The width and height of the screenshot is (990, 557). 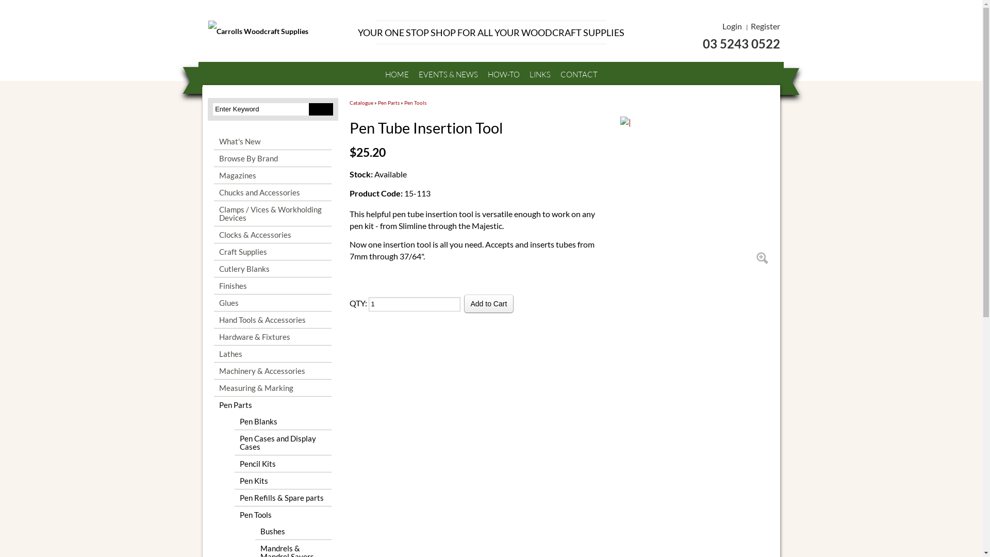 I want to click on 'Glues', so click(x=213, y=302).